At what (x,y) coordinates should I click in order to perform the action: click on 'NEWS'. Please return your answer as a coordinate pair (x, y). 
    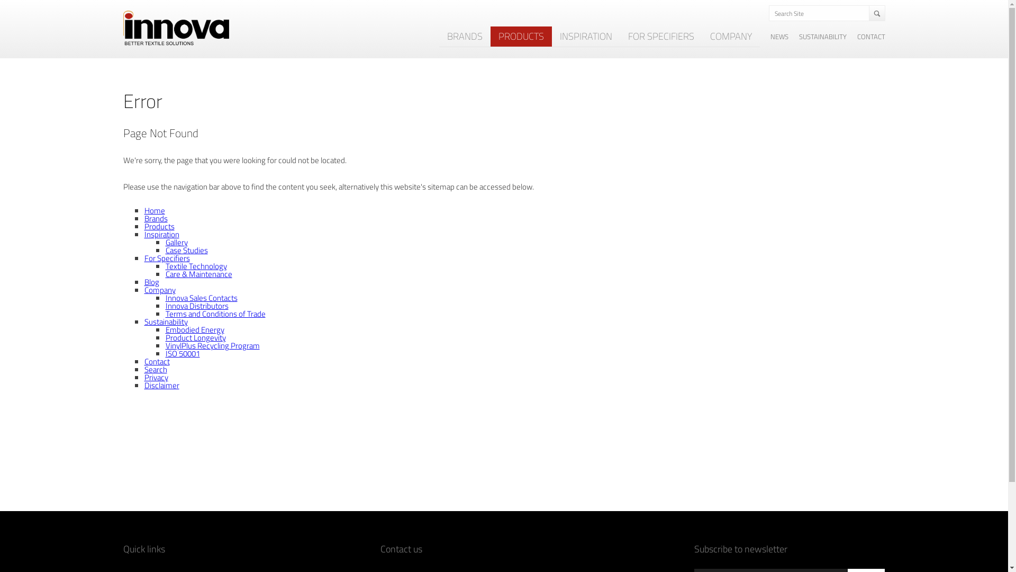
    Looking at the image, I should click on (779, 36).